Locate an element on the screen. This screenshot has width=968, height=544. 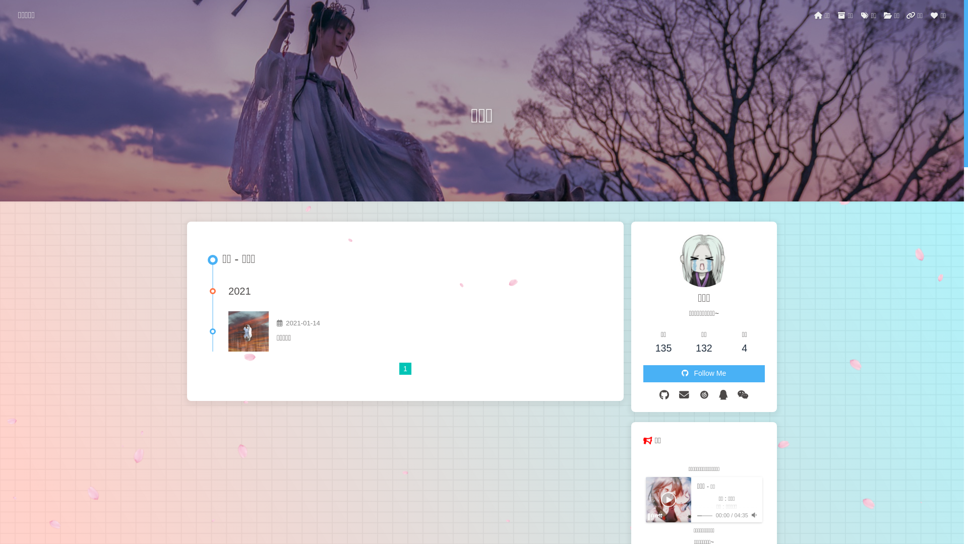
'Follow Me' is located at coordinates (643, 373).